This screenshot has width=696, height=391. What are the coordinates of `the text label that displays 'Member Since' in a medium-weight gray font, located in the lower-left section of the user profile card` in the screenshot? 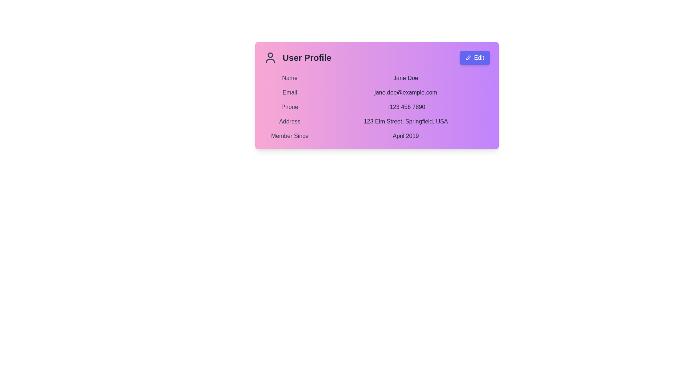 It's located at (289, 136).